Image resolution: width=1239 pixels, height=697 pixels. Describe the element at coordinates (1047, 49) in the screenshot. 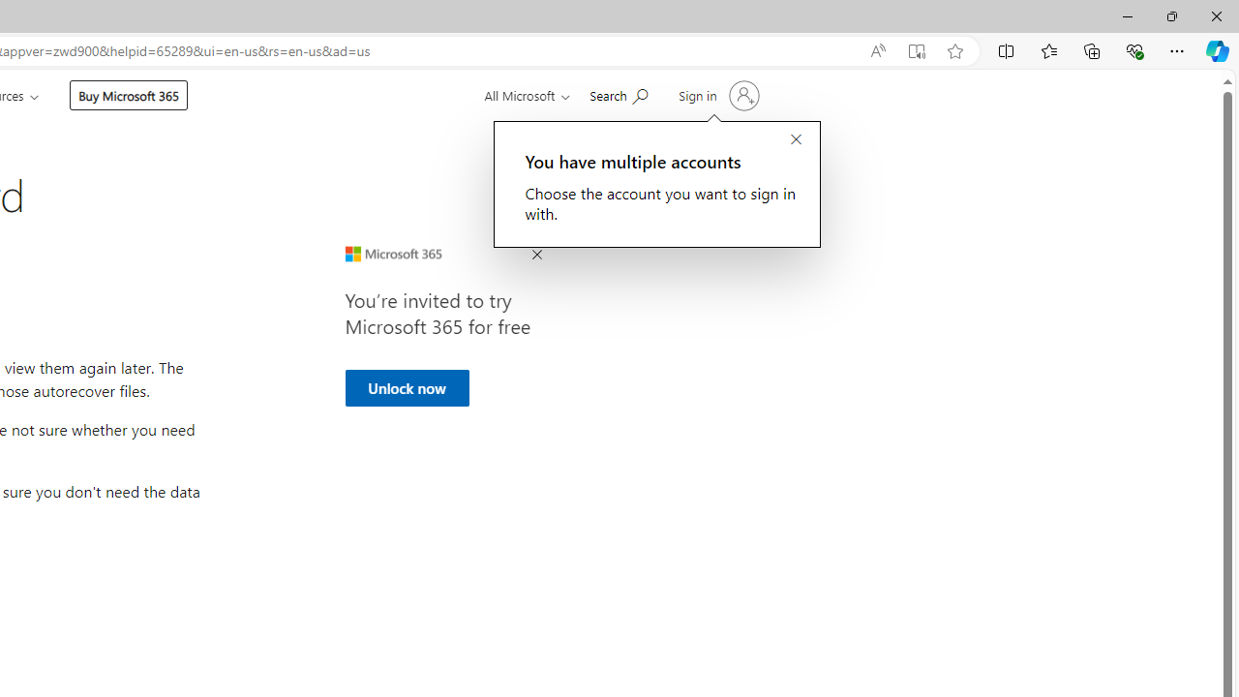

I see `'Favorites'` at that location.